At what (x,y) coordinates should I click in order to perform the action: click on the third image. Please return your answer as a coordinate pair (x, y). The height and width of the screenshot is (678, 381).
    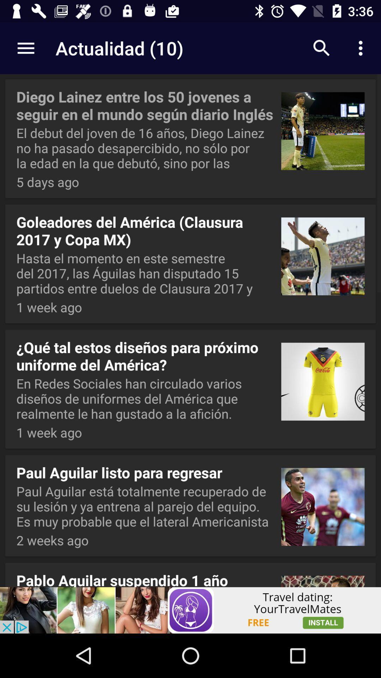
    Looking at the image, I should click on (323, 379).